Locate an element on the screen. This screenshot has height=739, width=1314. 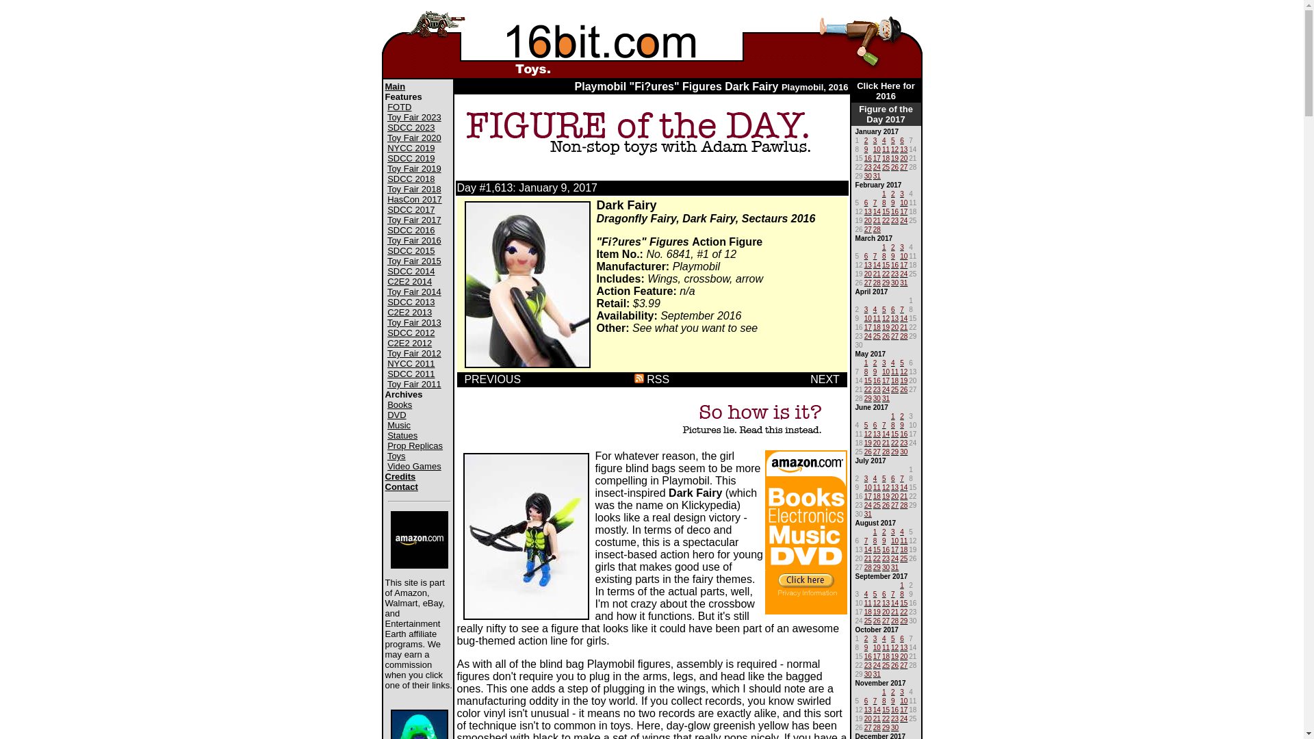
'21' is located at coordinates (873, 218).